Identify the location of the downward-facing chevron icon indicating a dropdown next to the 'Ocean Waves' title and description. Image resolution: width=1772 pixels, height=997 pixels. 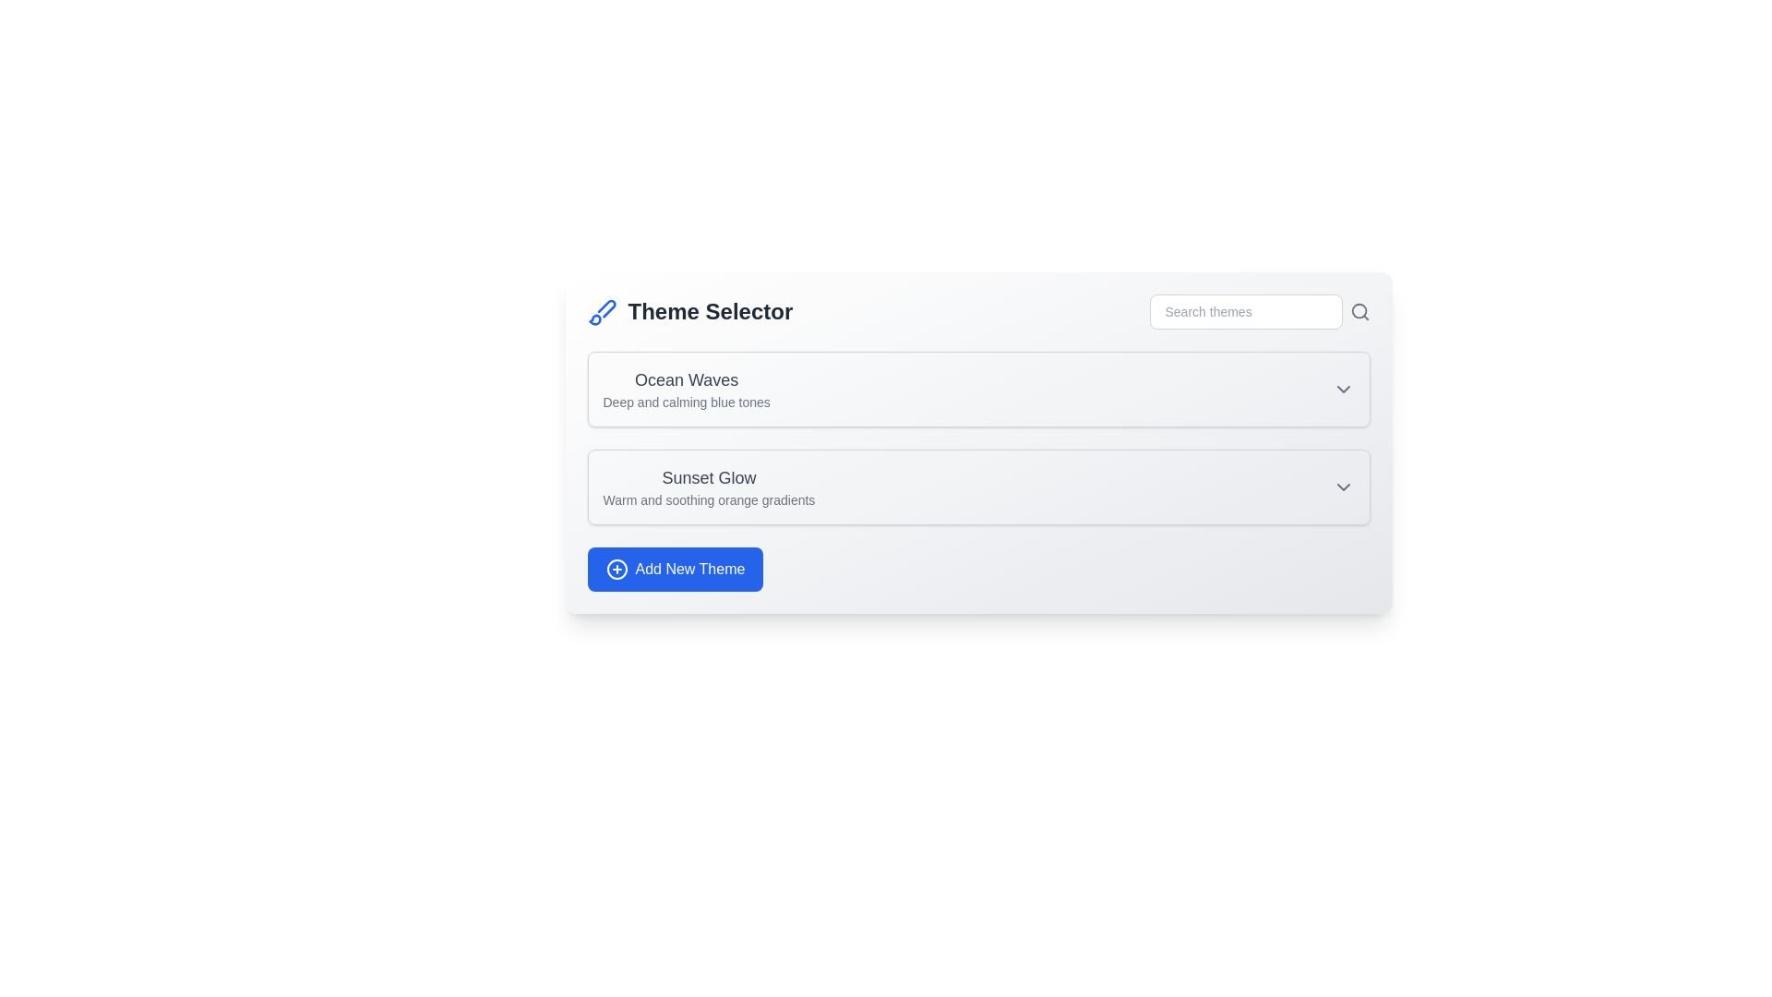
(1343, 388).